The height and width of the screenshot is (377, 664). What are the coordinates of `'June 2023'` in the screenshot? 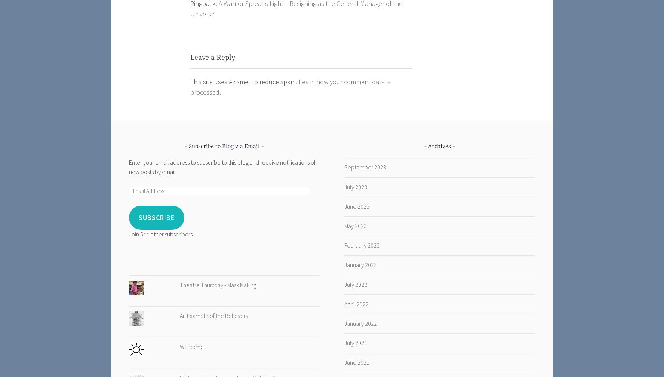 It's located at (343, 206).